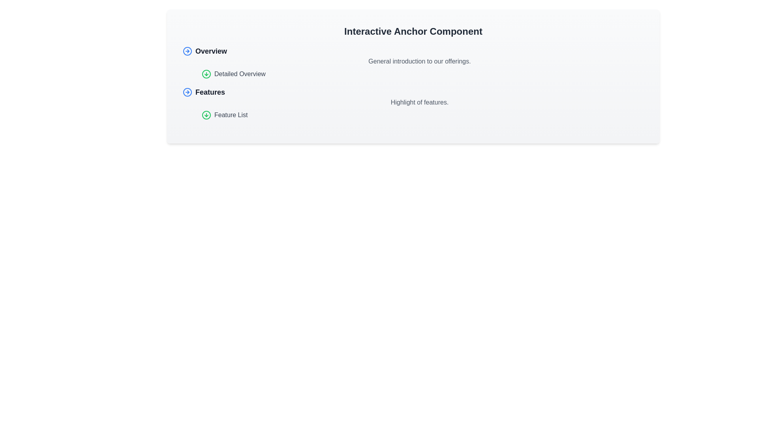 This screenshot has height=426, width=758. What do you see at coordinates (210, 92) in the screenshot?
I see `the 'Features' clickable hyperlink to observe a visual change in text color, which is styled in bold and slightly larger font with a blue hover effect` at bounding box center [210, 92].